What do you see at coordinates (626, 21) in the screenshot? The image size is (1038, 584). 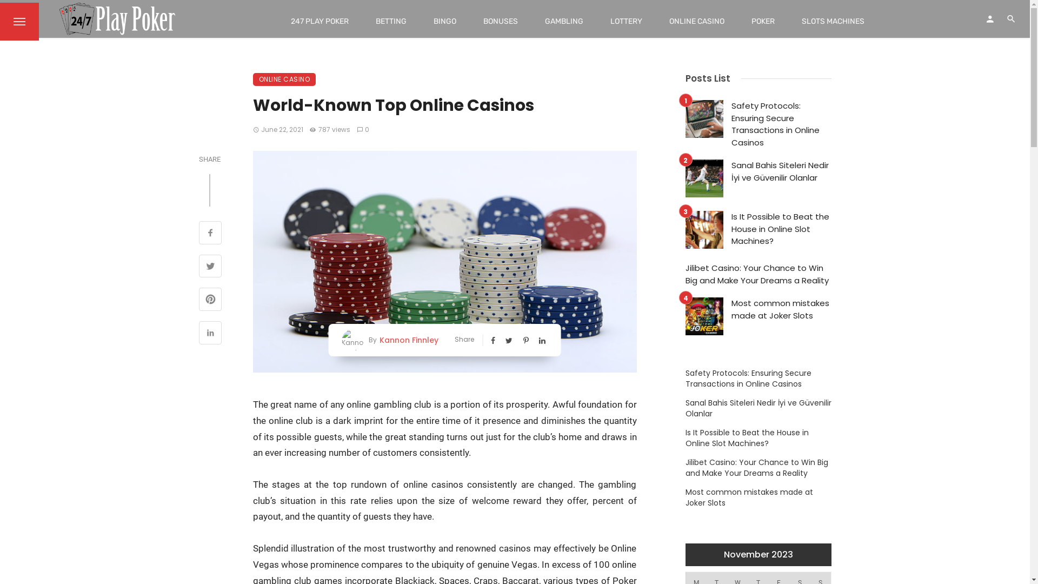 I see `'LOTTERY'` at bounding box center [626, 21].